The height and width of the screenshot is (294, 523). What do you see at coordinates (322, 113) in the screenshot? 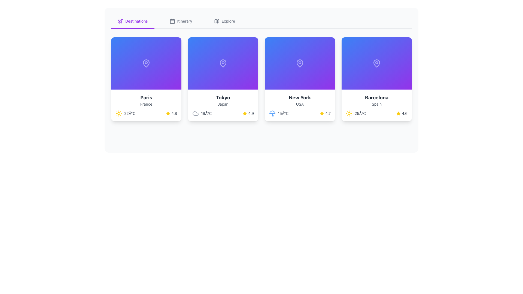
I see `the star-shaped icon in the bottom-right corner of the fourth city card` at bounding box center [322, 113].